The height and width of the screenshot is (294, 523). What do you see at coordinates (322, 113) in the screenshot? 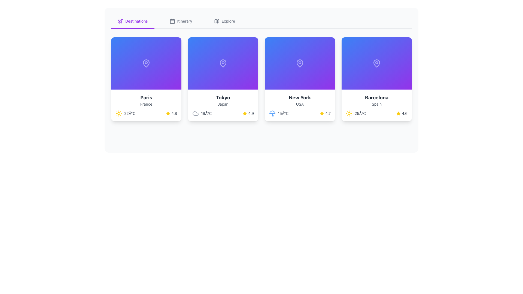
I see `the star-shaped icon in the bottom-right corner of the fourth city card` at bounding box center [322, 113].